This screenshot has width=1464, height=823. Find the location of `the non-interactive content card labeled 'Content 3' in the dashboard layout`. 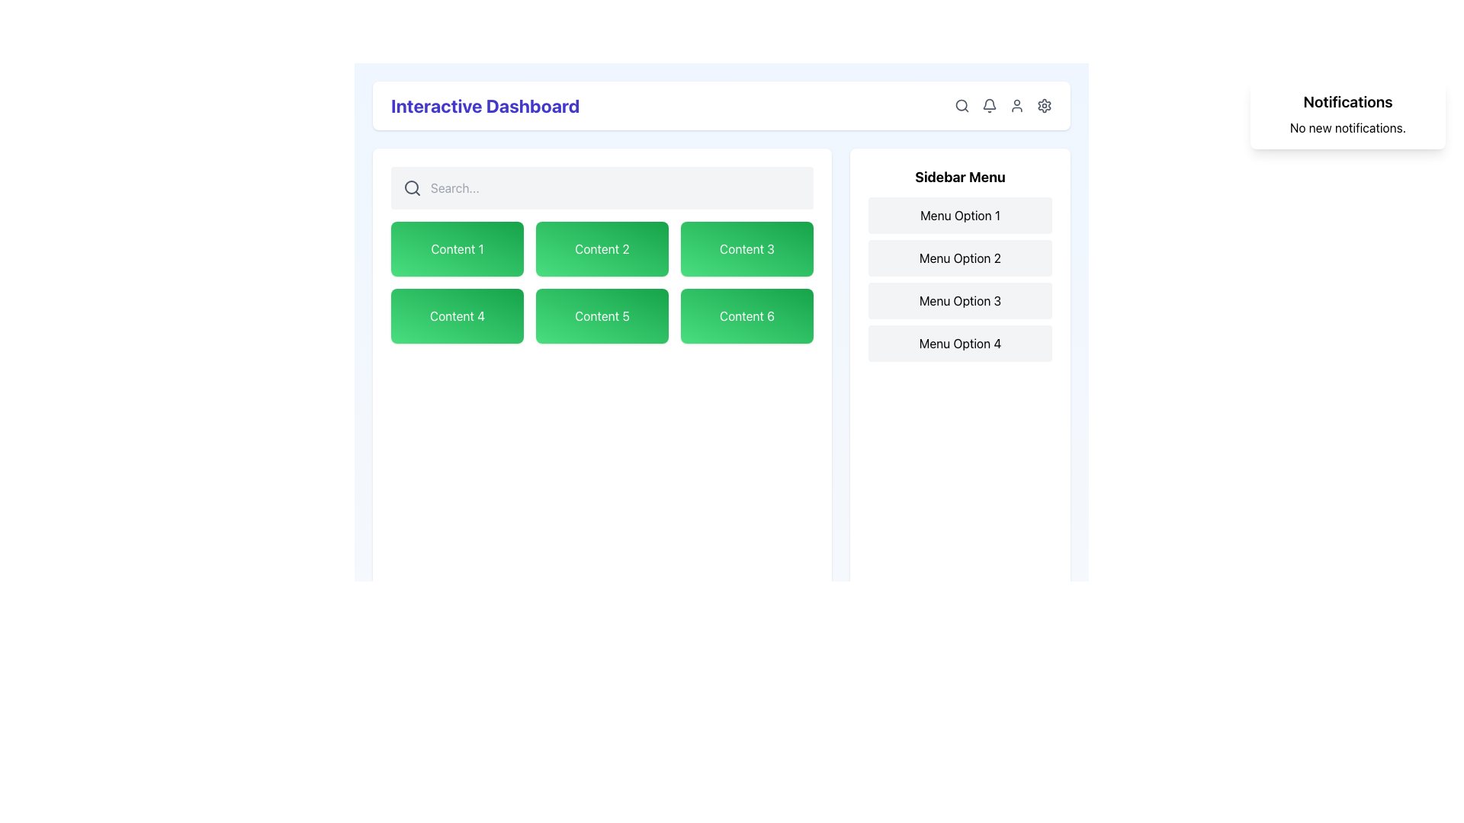

the non-interactive content card labeled 'Content 3' in the dashboard layout is located at coordinates (746, 248).